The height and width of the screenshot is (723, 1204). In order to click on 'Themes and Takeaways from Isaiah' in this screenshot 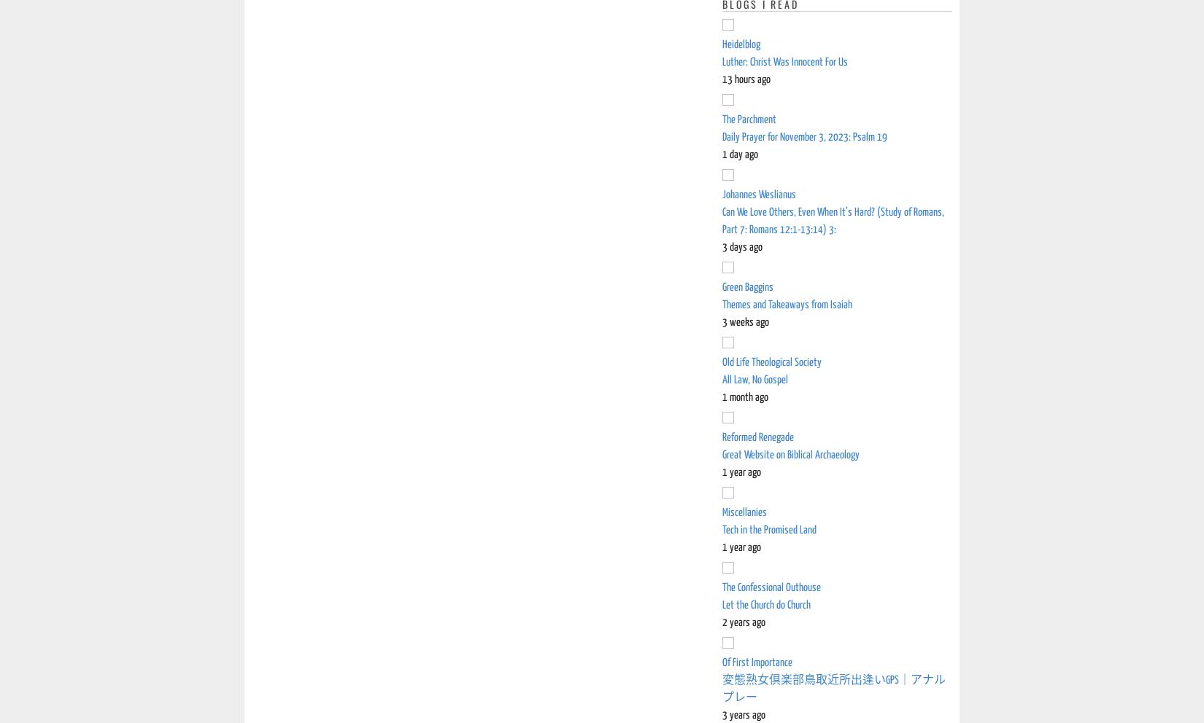, I will do `click(787, 304)`.